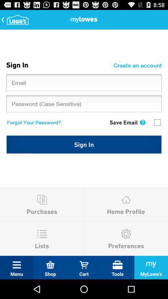 The image size is (168, 299). Describe the element at coordinates (126, 234) in the screenshot. I see `the preferences icon` at that location.